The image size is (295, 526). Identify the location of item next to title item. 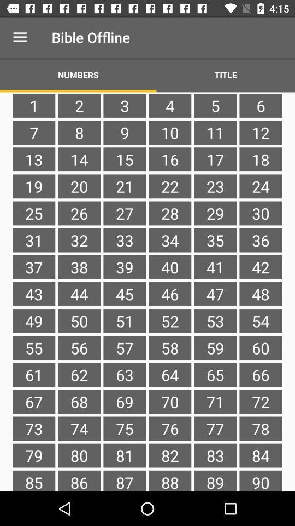
(78, 74).